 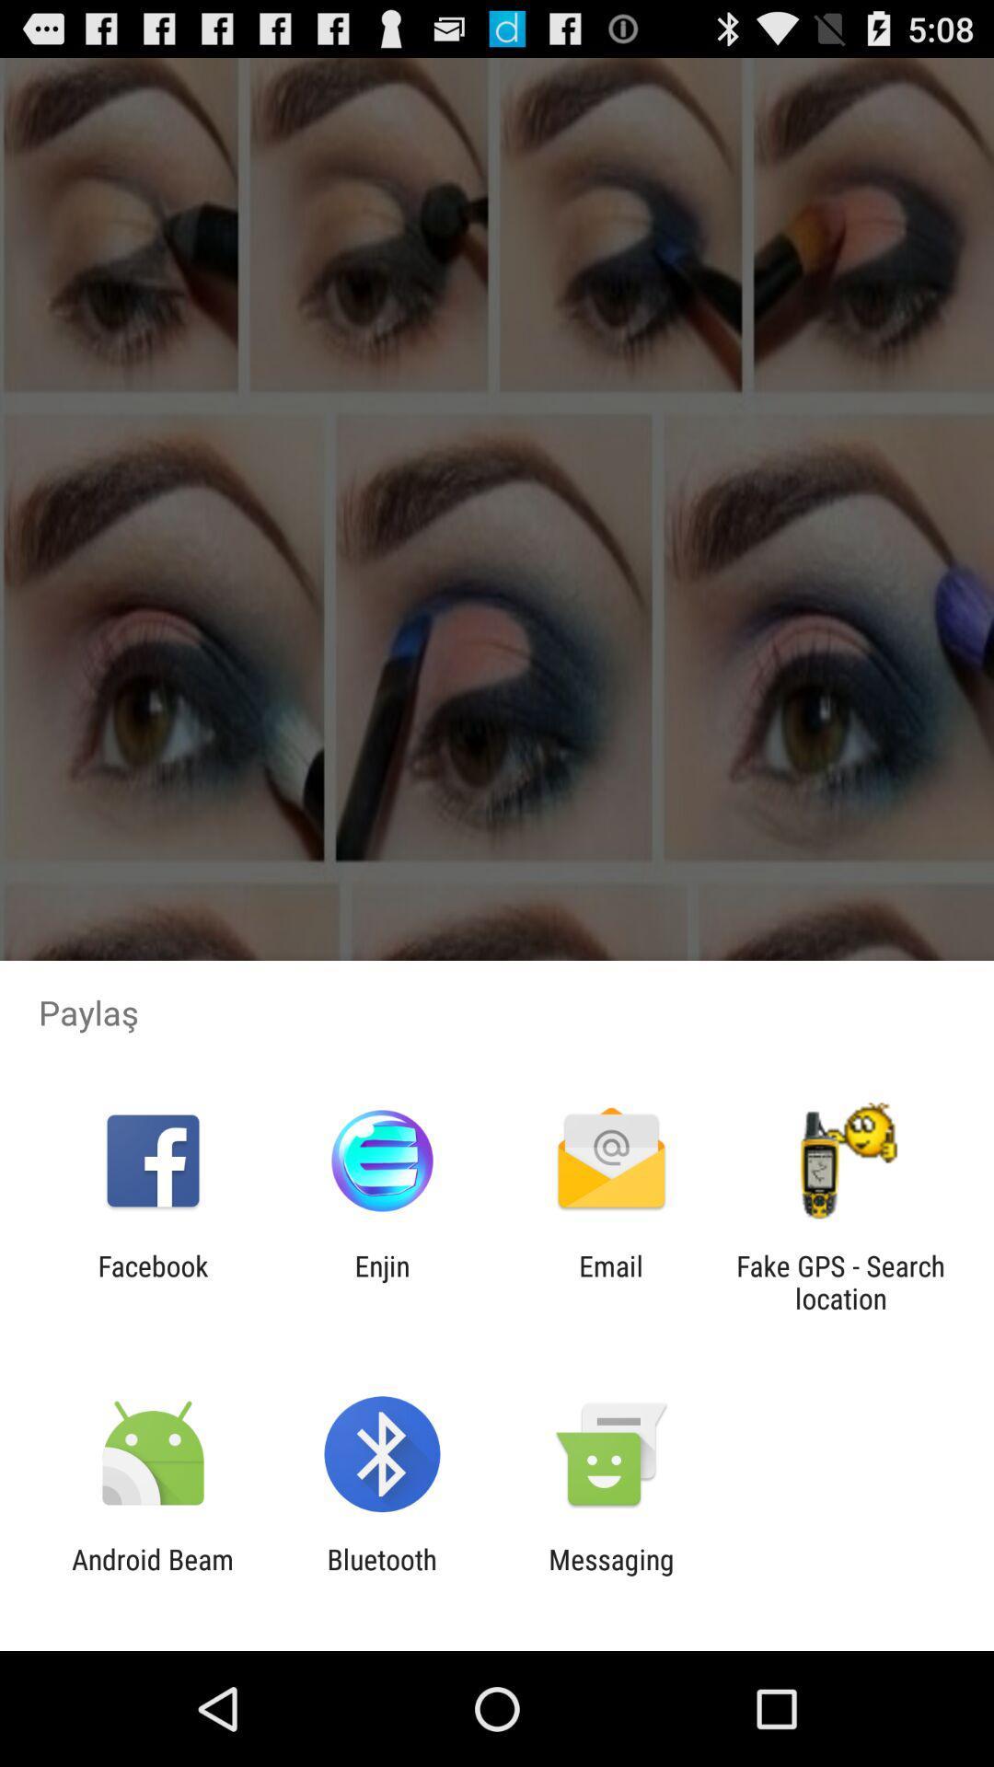 I want to click on the bluetooth app, so click(x=381, y=1575).